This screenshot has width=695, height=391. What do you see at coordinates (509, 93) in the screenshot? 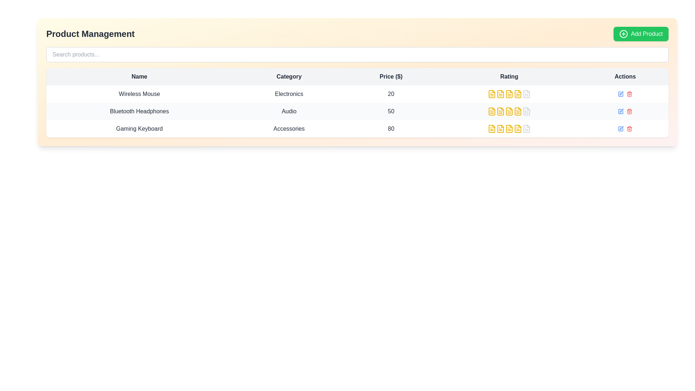
I see `the third document icon in the second row of the 'Rating' column` at bounding box center [509, 93].